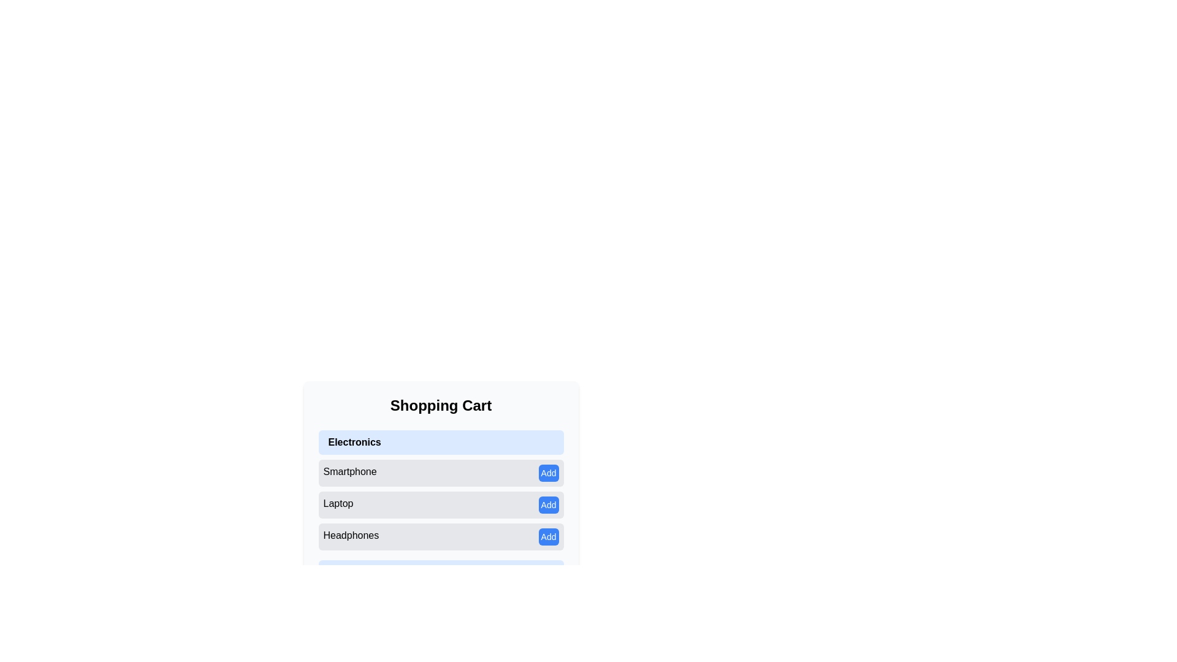 The height and width of the screenshot is (662, 1177). What do you see at coordinates (548, 472) in the screenshot?
I see `the 'Add' button with a rounded blue background located in the rightmost part of the first item under the 'Electronics' category, specifically under 'Smartphone', to prepare for keyboard interaction` at bounding box center [548, 472].